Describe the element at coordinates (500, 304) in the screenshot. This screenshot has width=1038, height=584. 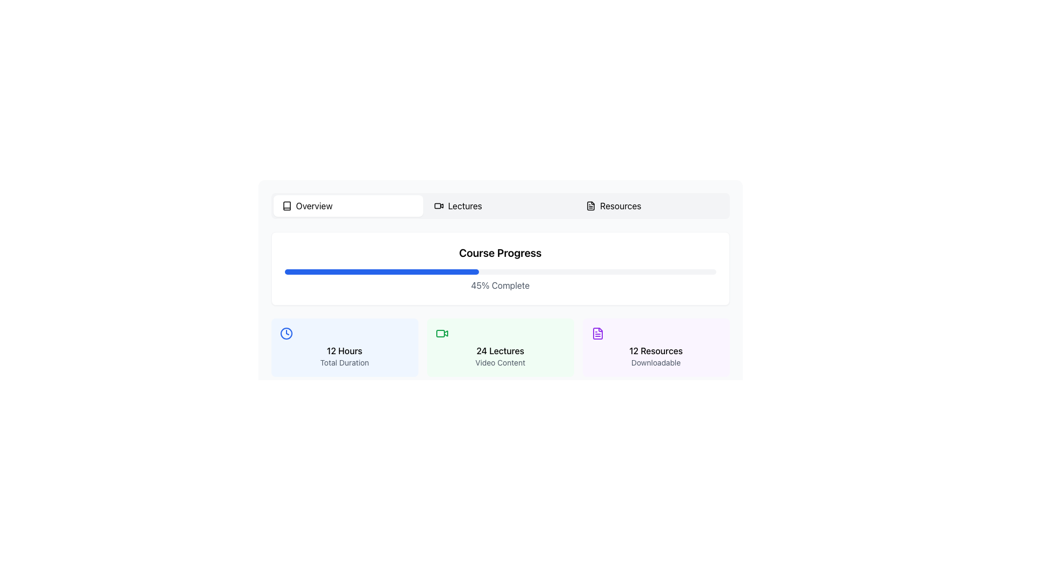
I see `the individual sections of the 'Course Progress' tracker to retrieve additional information about each section's statistics` at that location.